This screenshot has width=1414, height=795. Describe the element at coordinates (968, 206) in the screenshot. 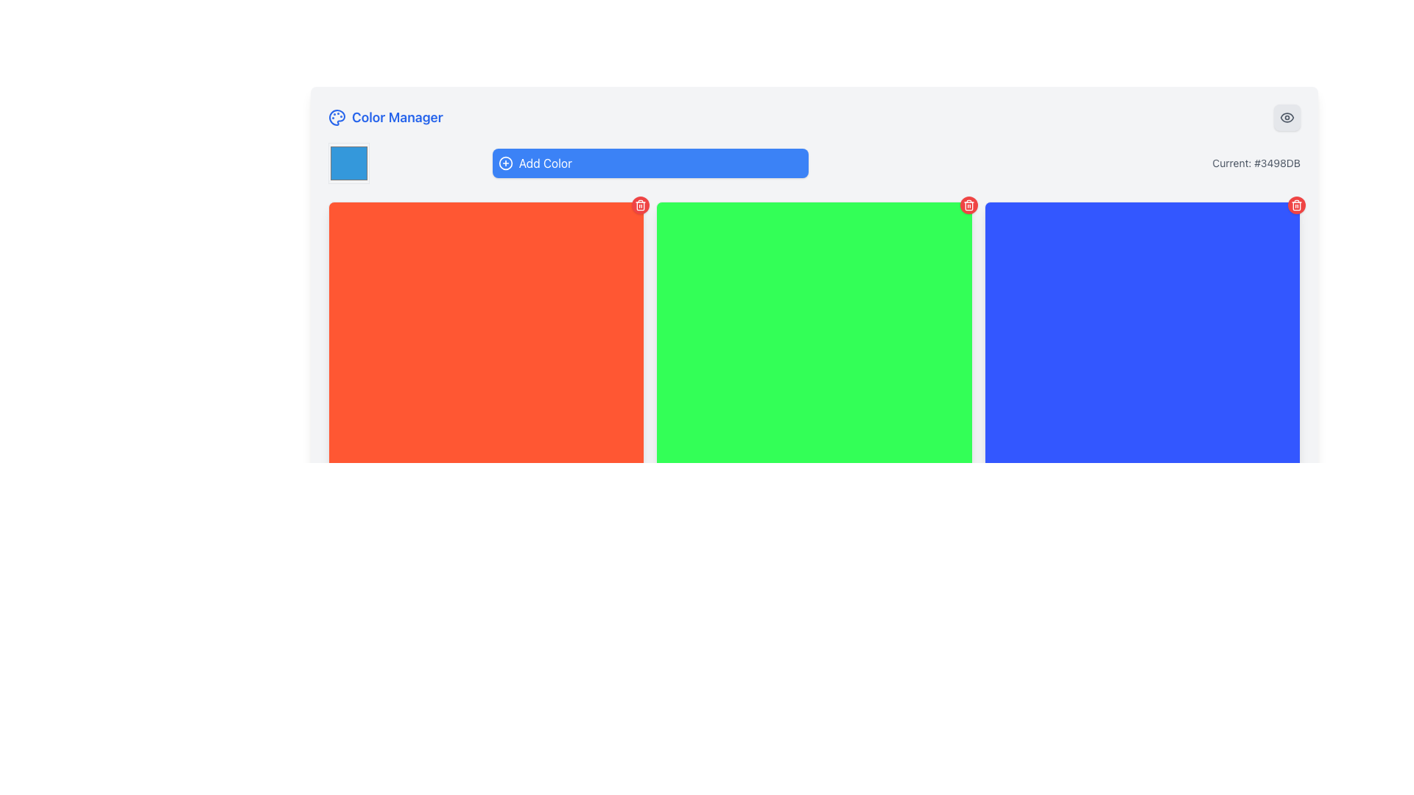

I see `the trash icon, which is located at the top-right corner of the second green panel` at that location.